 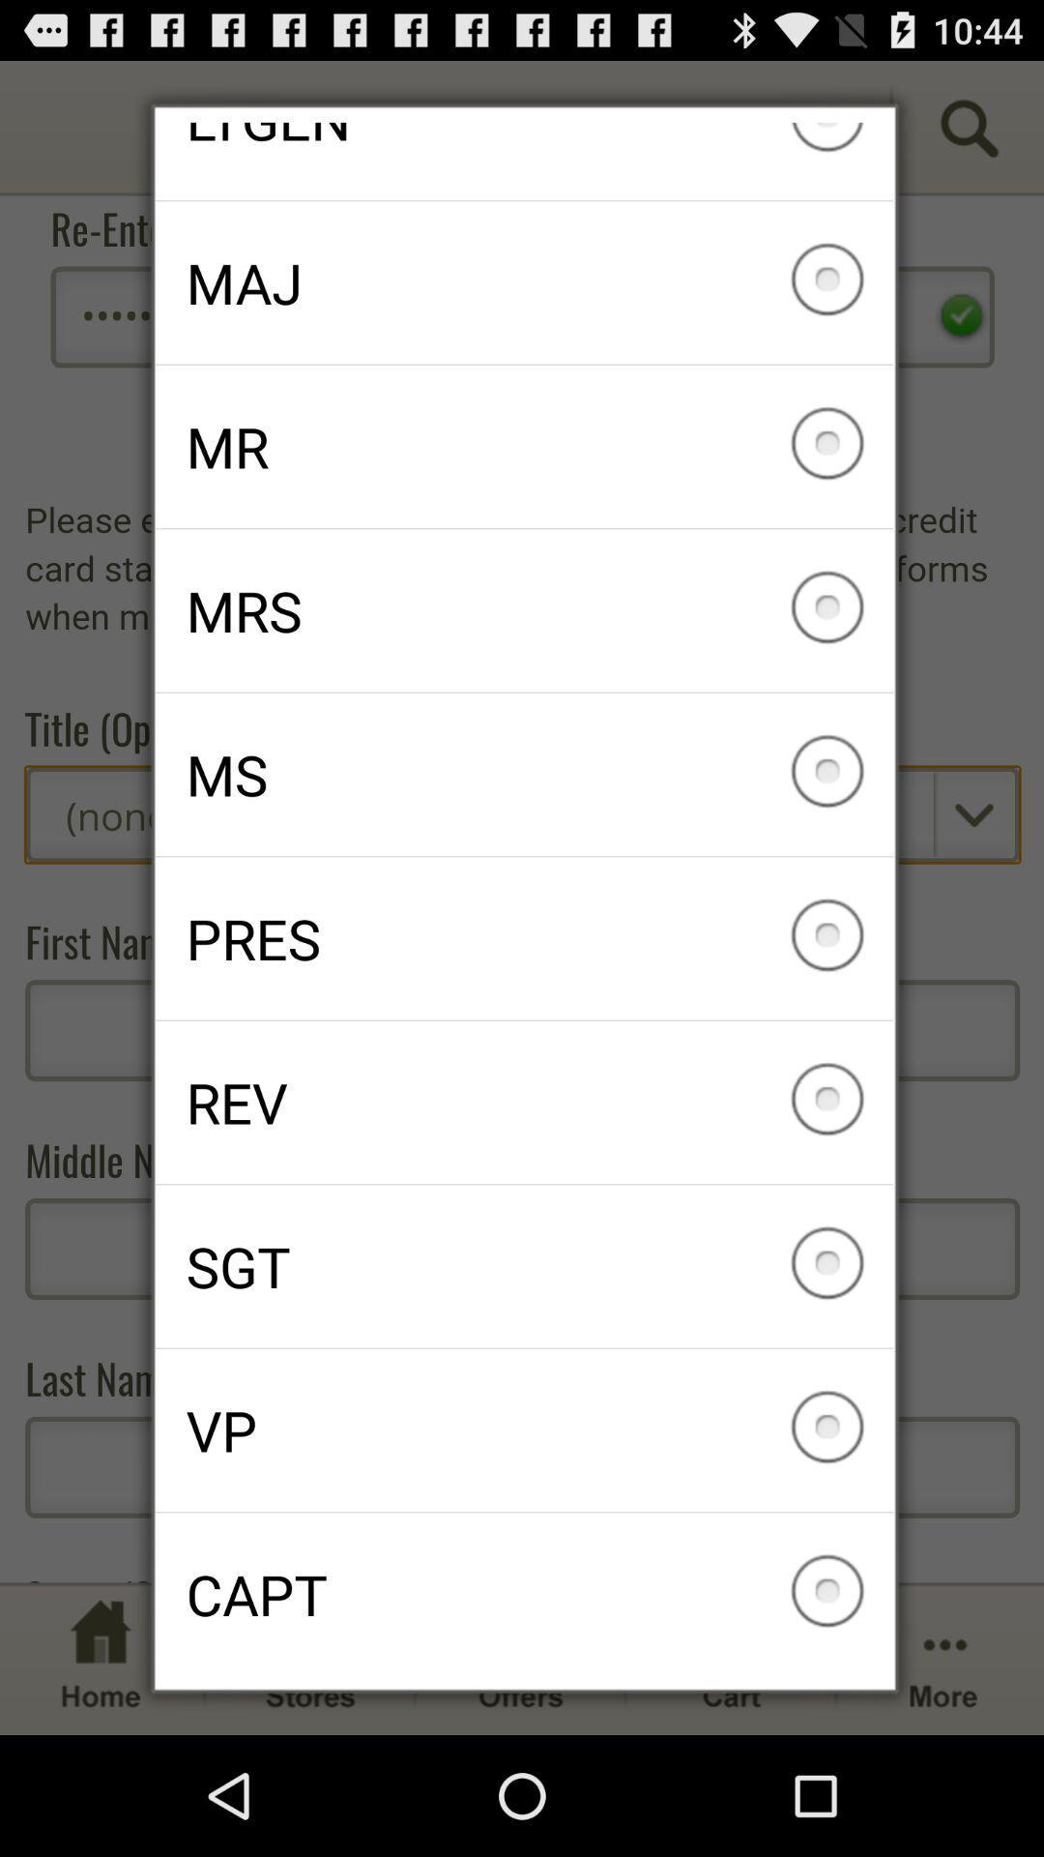 I want to click on ms icon, so click(x=524, y=775).